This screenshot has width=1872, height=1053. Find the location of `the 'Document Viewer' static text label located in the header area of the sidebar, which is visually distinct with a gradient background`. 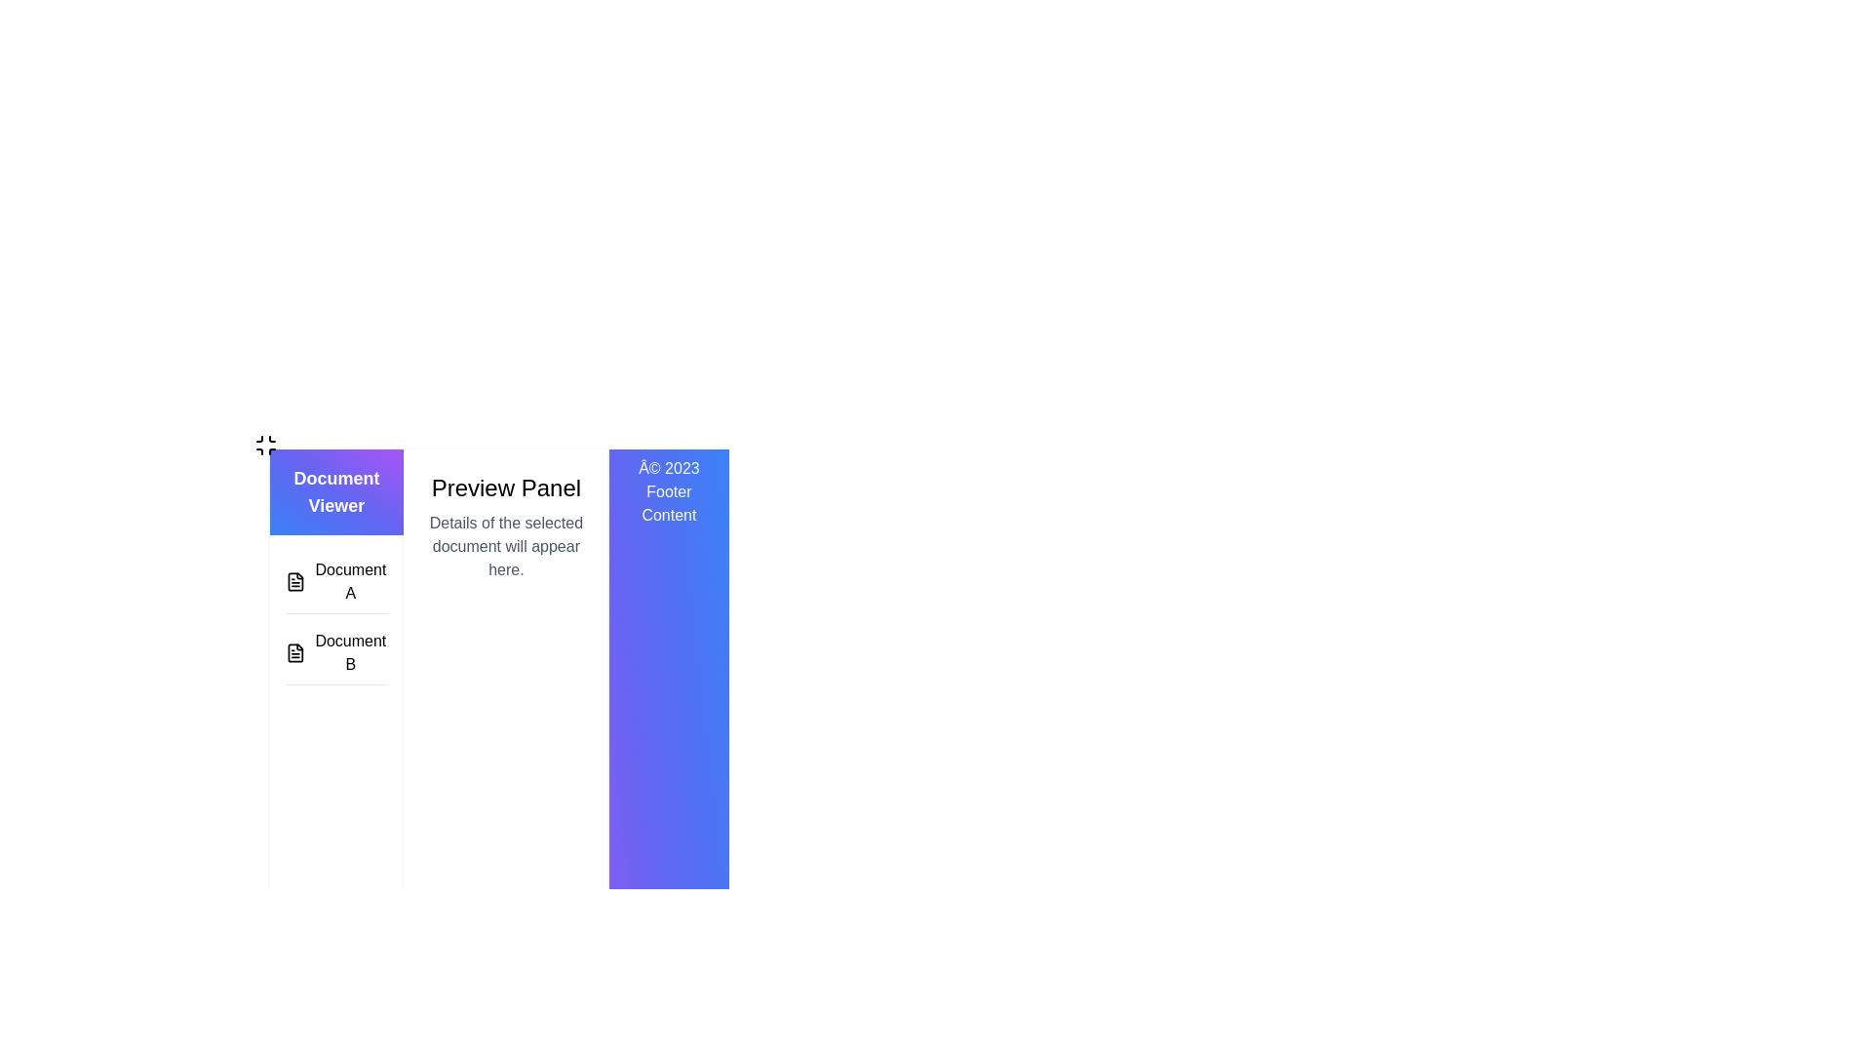

the 'Document Viewer' static text label located in the header area of the sidebar, which is visually distinct with a gradient background is located at coordinates (336, 491).